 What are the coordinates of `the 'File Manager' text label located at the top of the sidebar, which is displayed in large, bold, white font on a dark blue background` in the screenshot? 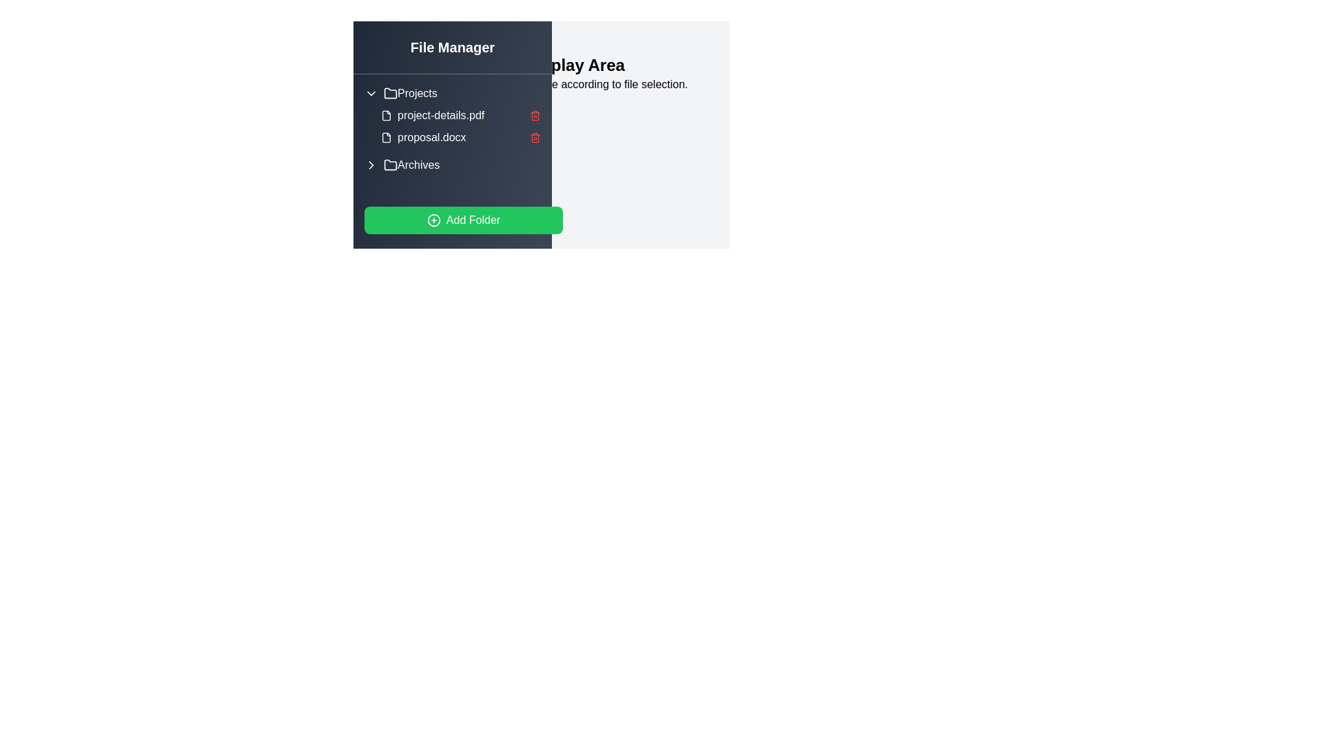 It's located at (453, 47).